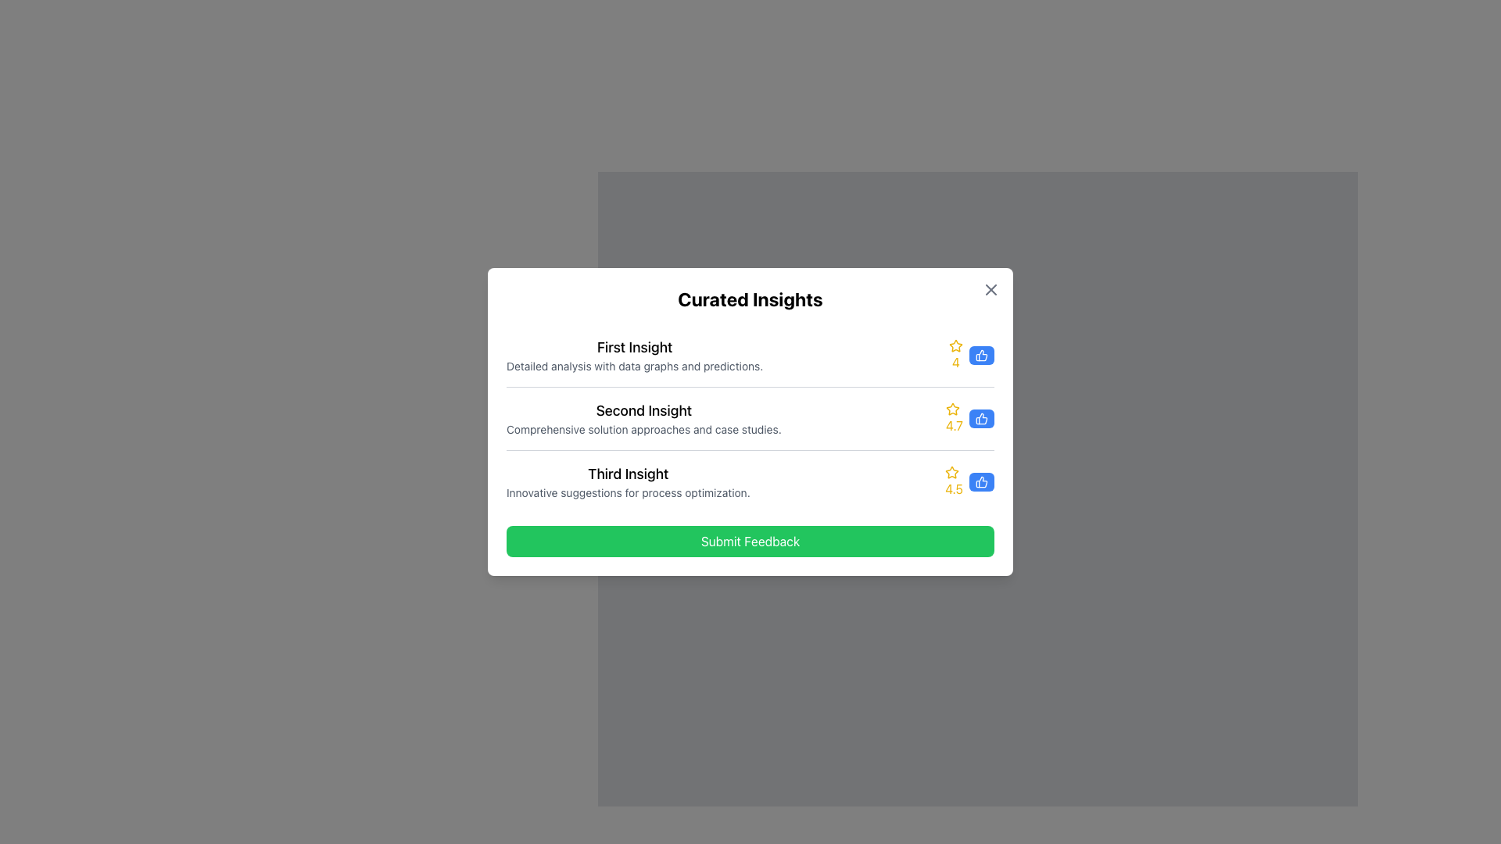 Image resolution: width=1501 pixels, height=844 pixels. I want to click on value displayed in the text label located in the second insight section, positioned to the left of the thumbs-up icon and below the star symbol indicating the rating, so click(953, 418).